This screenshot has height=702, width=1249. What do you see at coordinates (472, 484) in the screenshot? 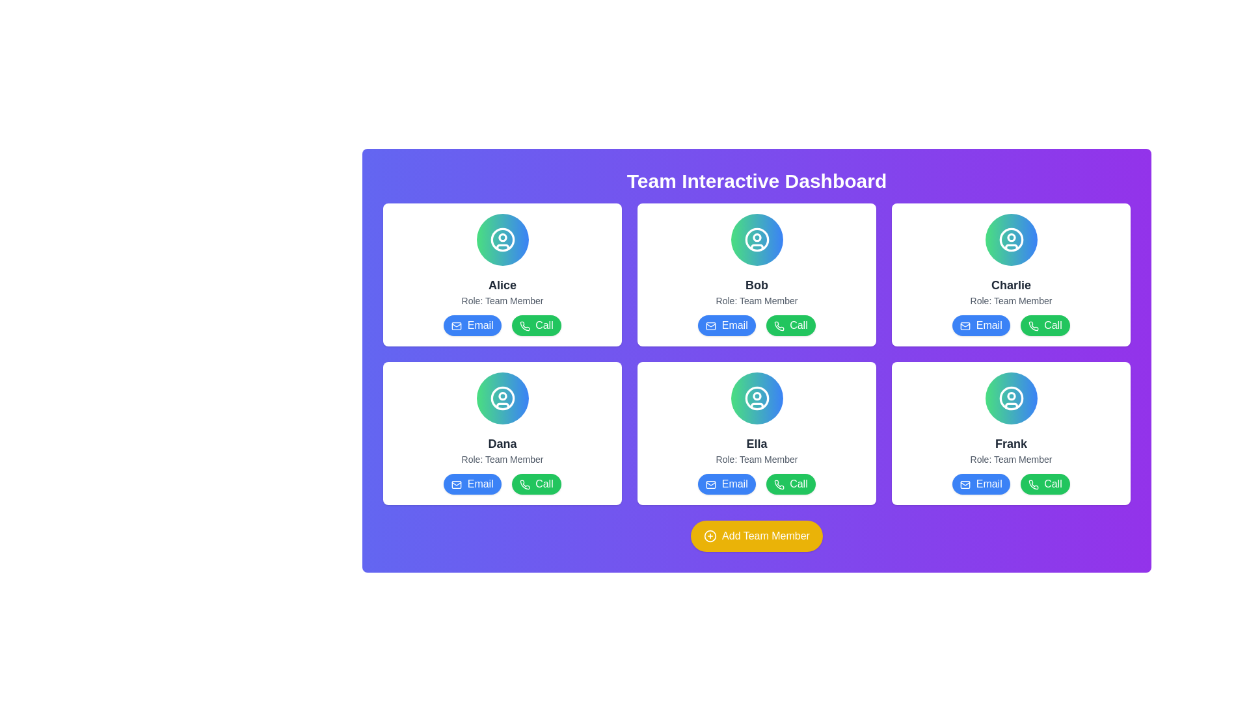
I see `the email button located in the lower section of the 'Dana' card on the dashboard to send an email` at bounding box center [472, 484].